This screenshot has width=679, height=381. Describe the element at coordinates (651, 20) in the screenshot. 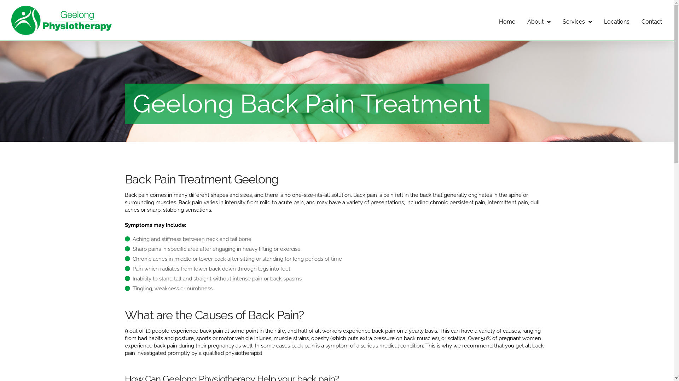

I see `'Contact'` at that location.